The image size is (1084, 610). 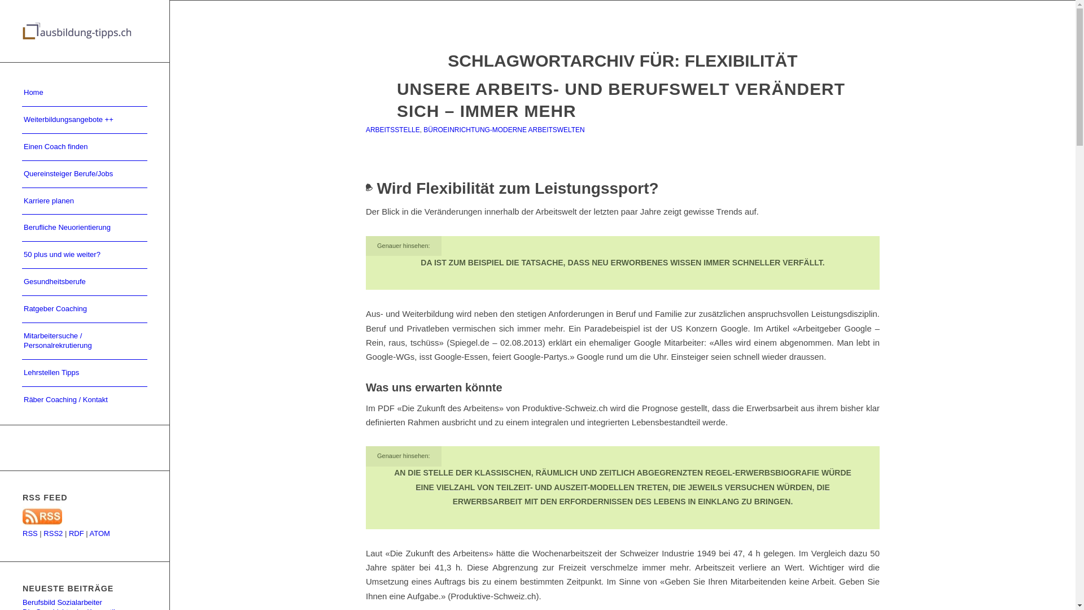 What do you see at coordinates (53, 533) in the screenshot?
I see `'RSS2'` at bounding box center [53, 533].